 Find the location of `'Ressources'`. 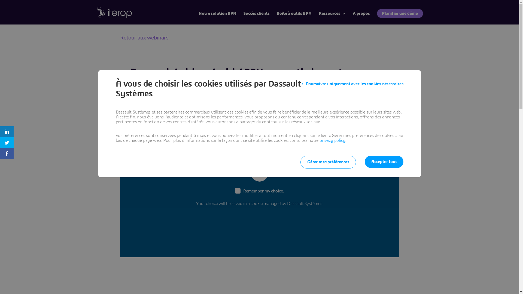

'Ressources' is located at coordinates (332, 18).